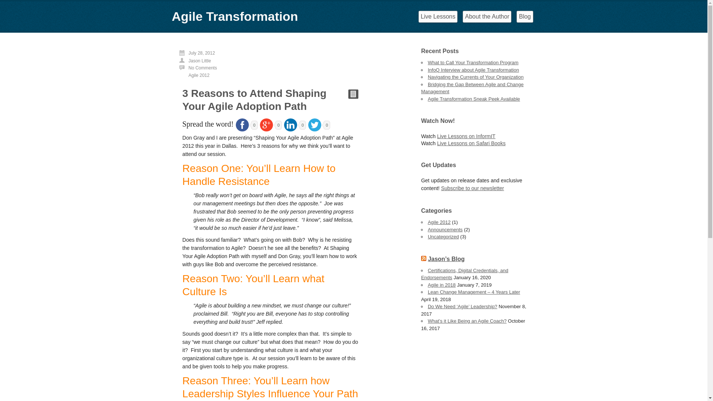  Describe the element at coordinates (189, 68) in the screenshot. I see `'No Comments'` at that location.